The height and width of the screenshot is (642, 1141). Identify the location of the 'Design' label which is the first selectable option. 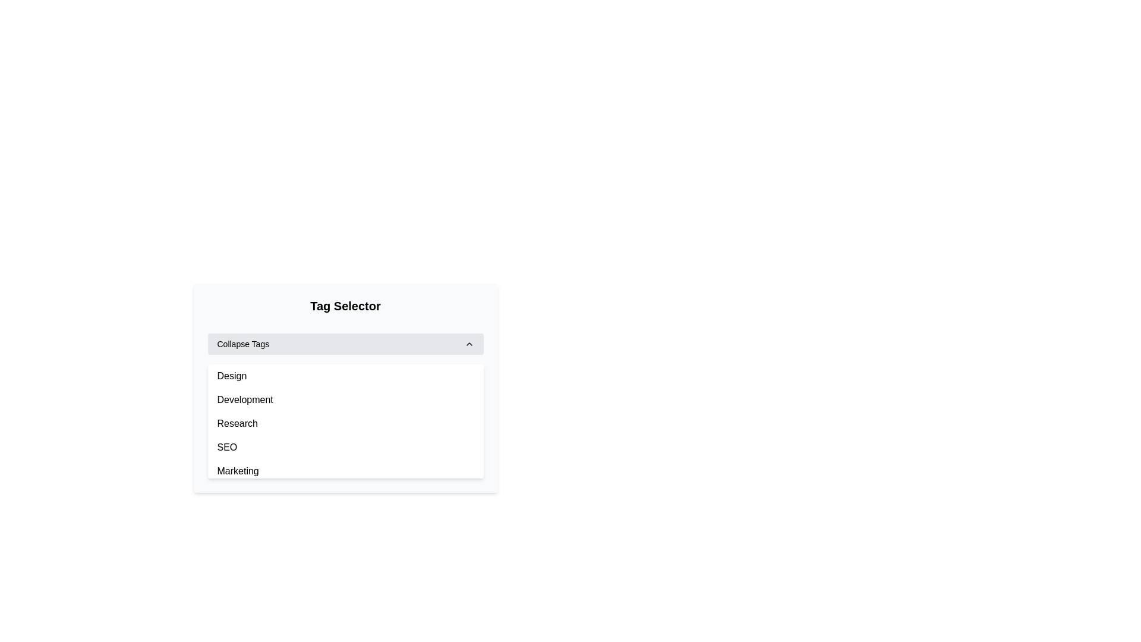
(232, 376).